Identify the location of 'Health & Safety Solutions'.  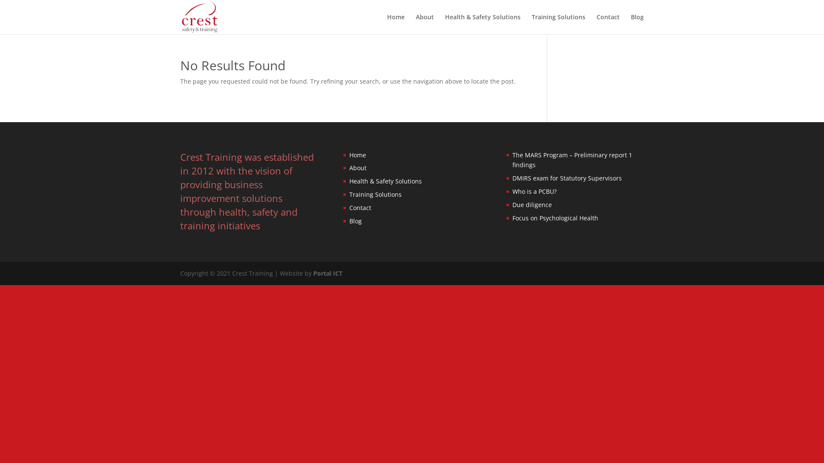
(445, 24).